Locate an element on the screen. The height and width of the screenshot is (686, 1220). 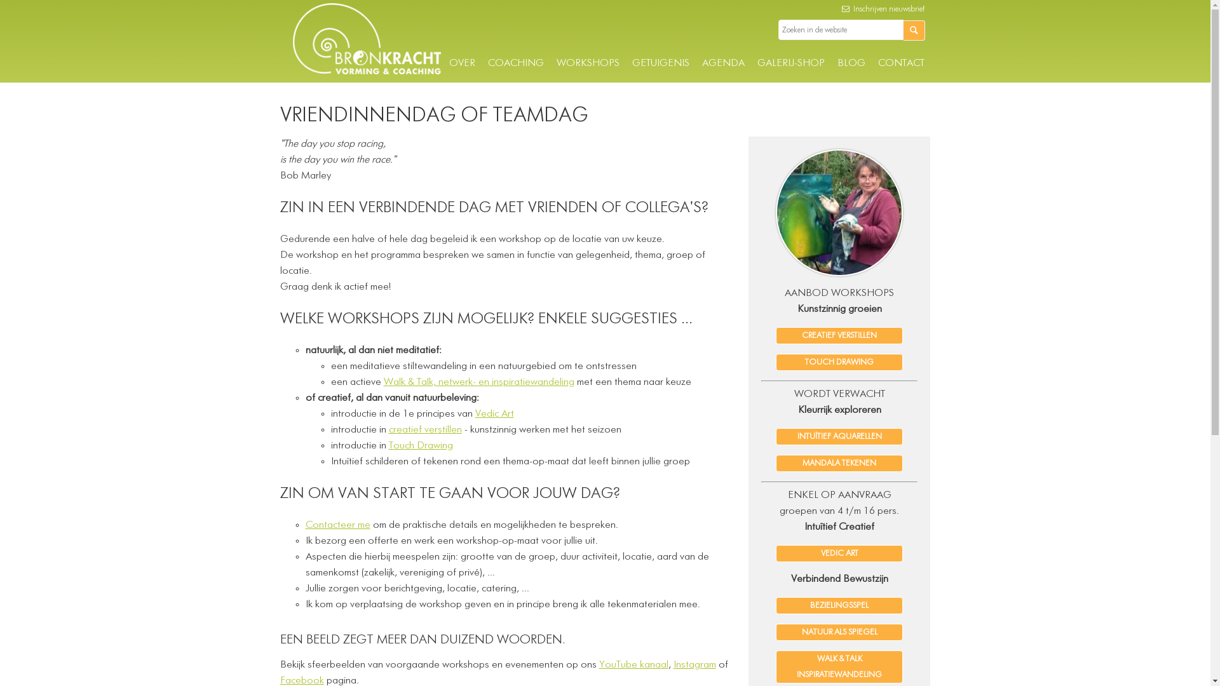
'CONTACT' is located at coordinates (900, 64).